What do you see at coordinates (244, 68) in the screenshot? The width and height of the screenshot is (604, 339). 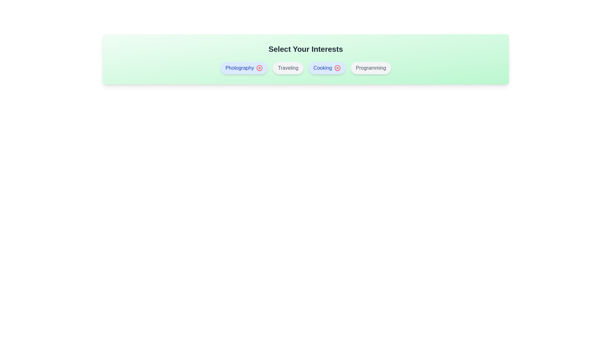 I see `the interest item Photography` at bounding box center [244, 68].